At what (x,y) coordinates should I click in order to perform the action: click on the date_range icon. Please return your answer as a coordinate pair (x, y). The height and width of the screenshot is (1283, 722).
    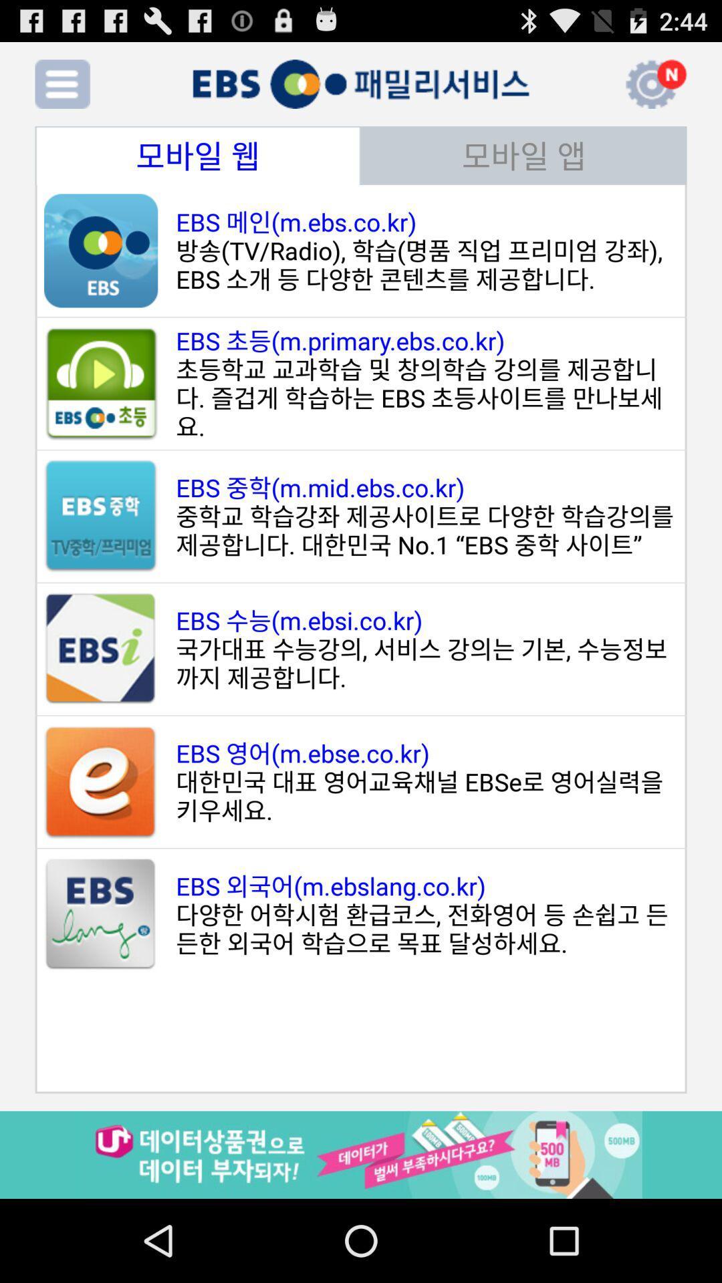
    Looking at the image, I should click on (198, 166).